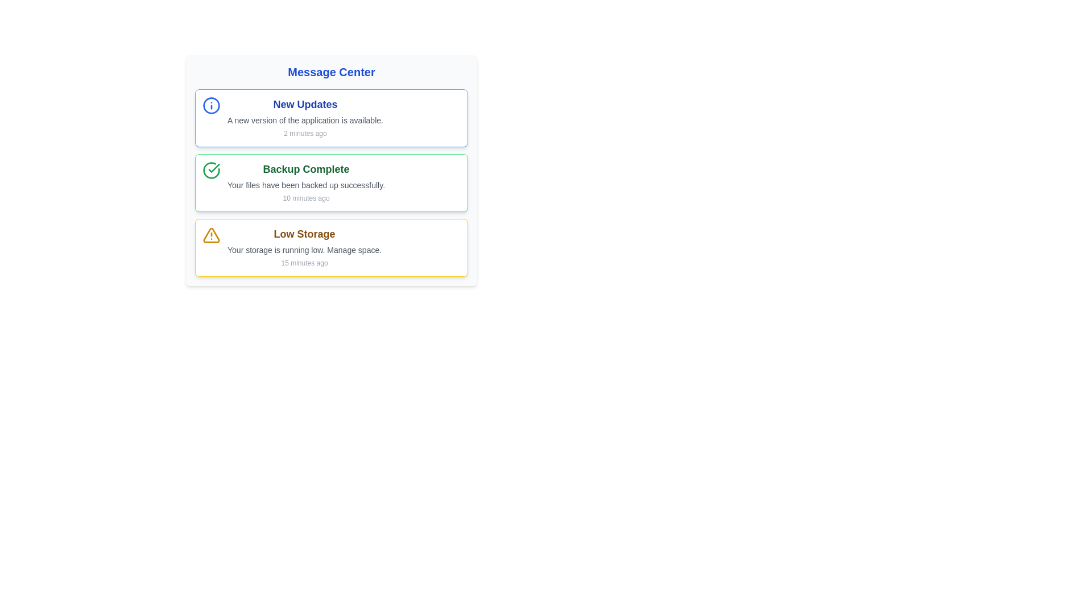 This screenshot has width=1092, height=614. What do you see at coordinates (330, 118) in the screenshot?
I see `the Notification Card that informs the user about the availability of a new application version, located at the top of the list of notifications in the message center dashboard` at bounding box center [330, 118].